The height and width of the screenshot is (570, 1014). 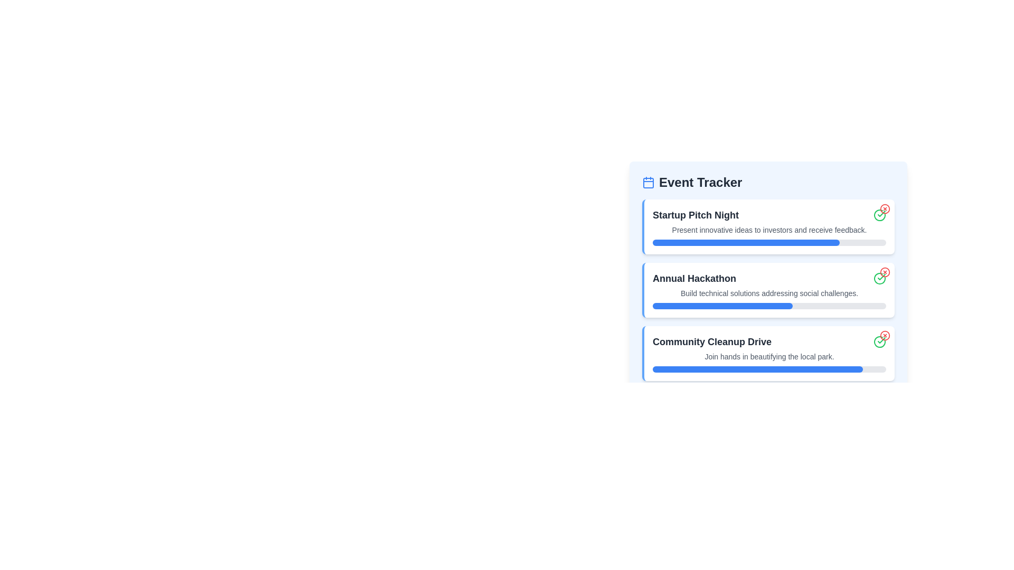 I want to click on the Progress Bar located in the 'Startup Pitch Night' section, directly below the description 'Present innovative ideas to investors and receive feedback.', so click(x=769, y=242).